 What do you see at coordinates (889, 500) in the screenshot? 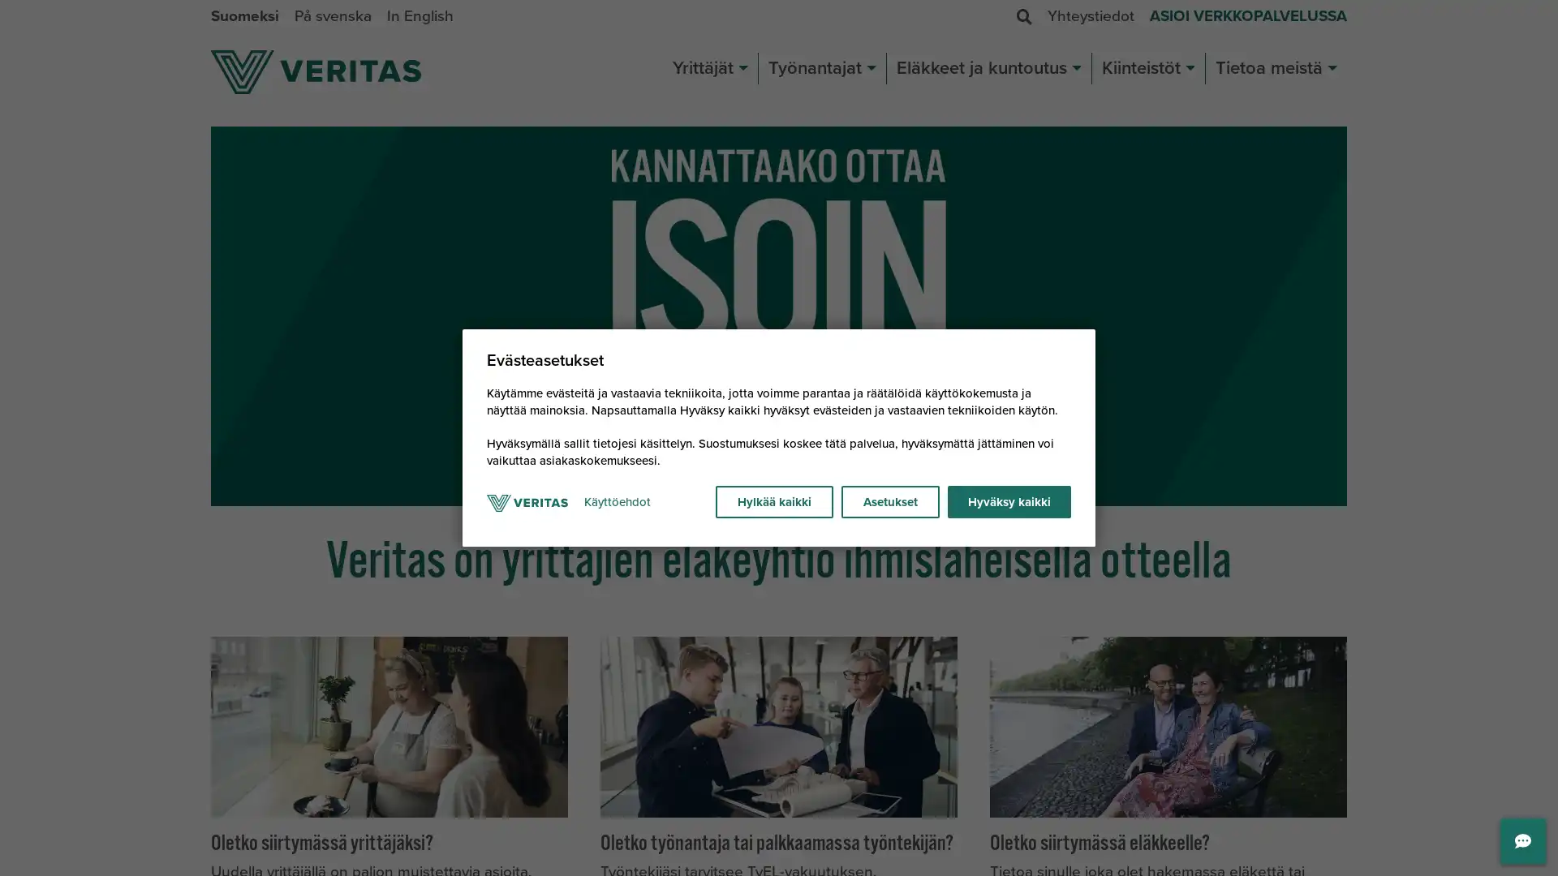
I see `Asetukset` at bounding box center [889, 500].